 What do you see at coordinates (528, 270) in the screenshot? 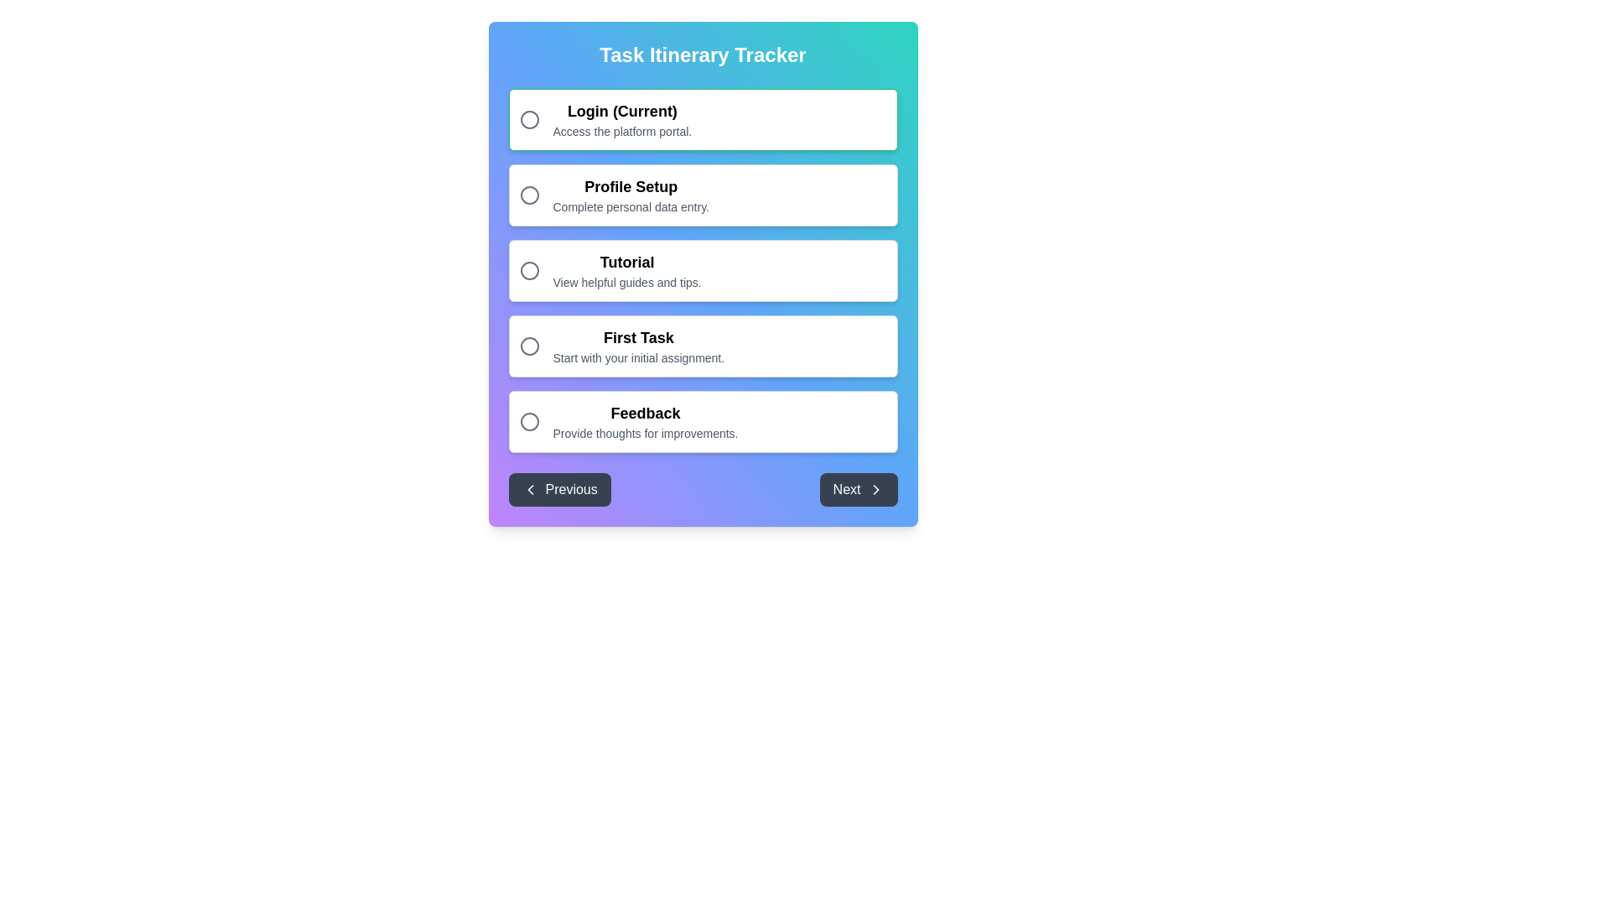
I see `the Circular visual icon located in the third row labeled 'Tutorial', which visually represents a step or state within a process` at bounding box center [528, 270].